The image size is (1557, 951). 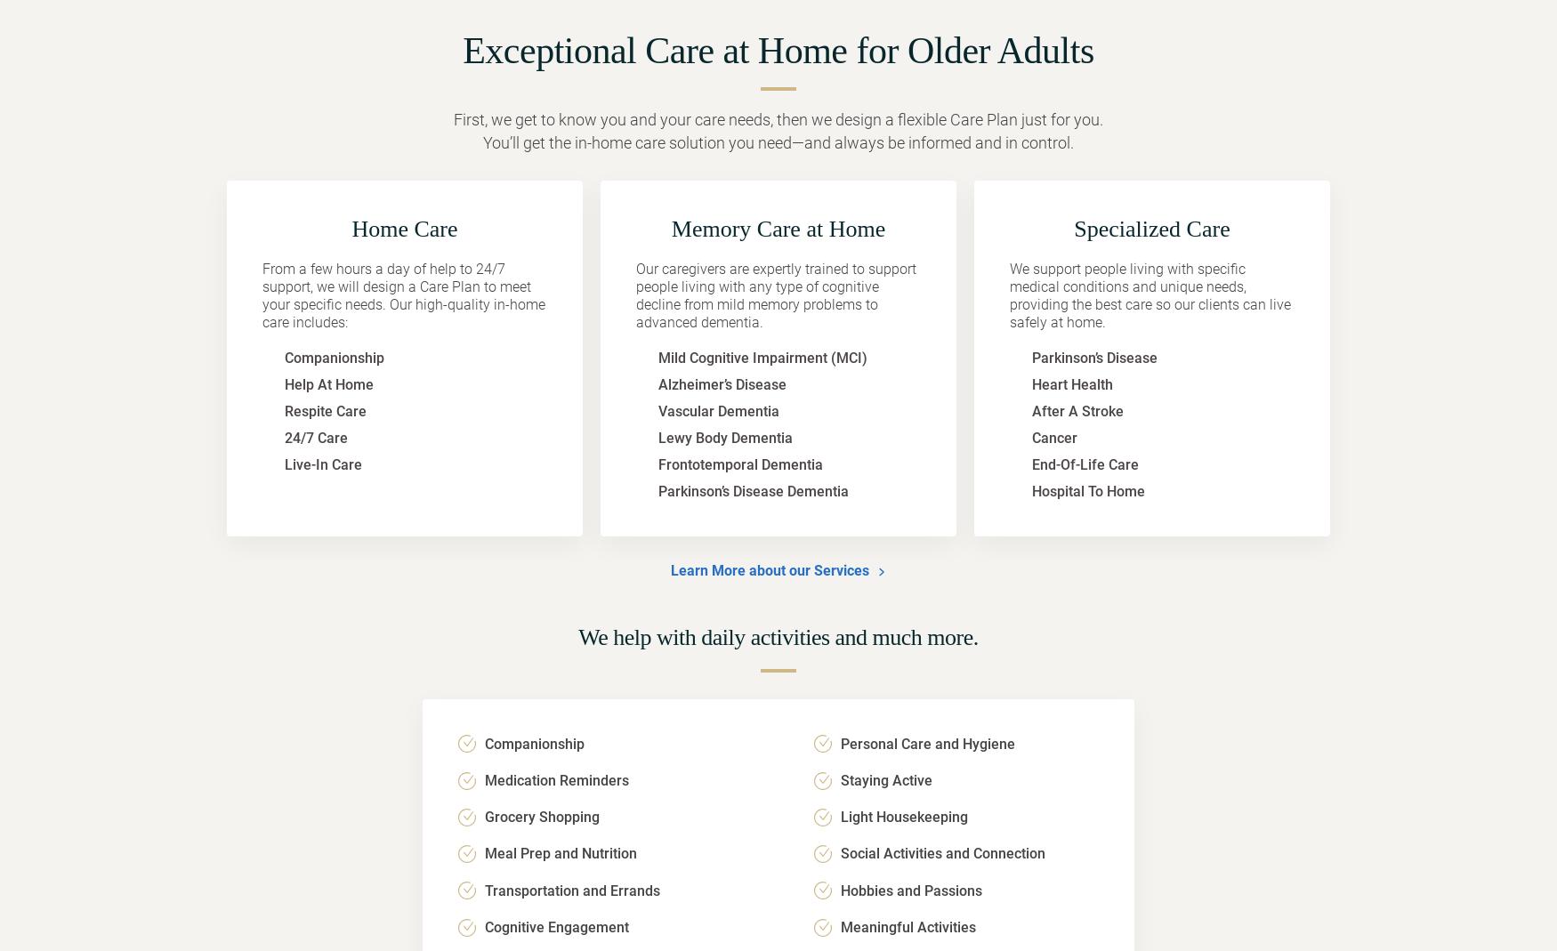 I want to click on 'Cognitive Engagement', so click(x=556, y=926).